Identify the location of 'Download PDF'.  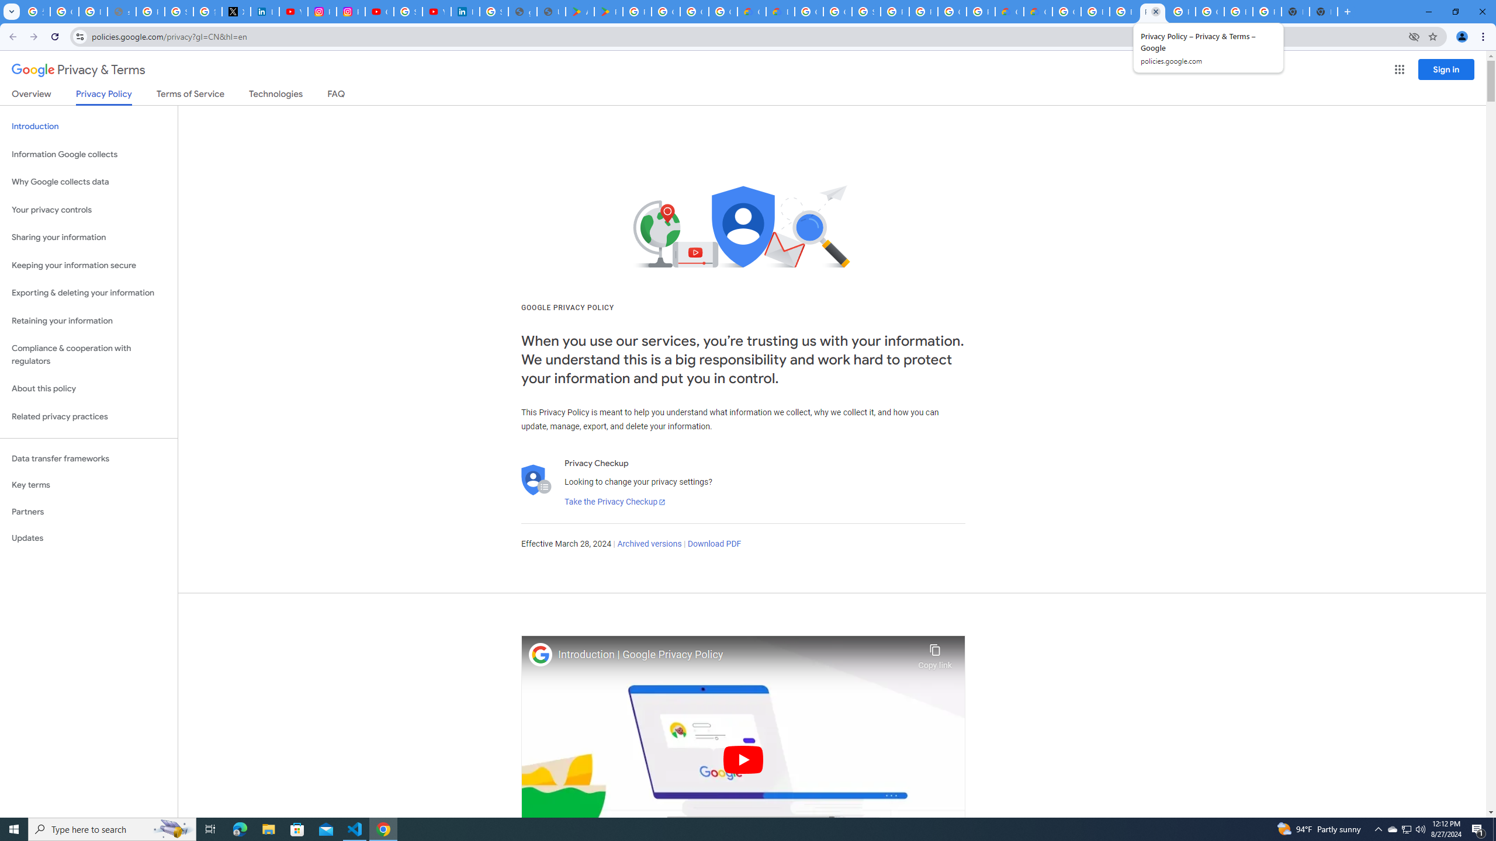
(714, 543).